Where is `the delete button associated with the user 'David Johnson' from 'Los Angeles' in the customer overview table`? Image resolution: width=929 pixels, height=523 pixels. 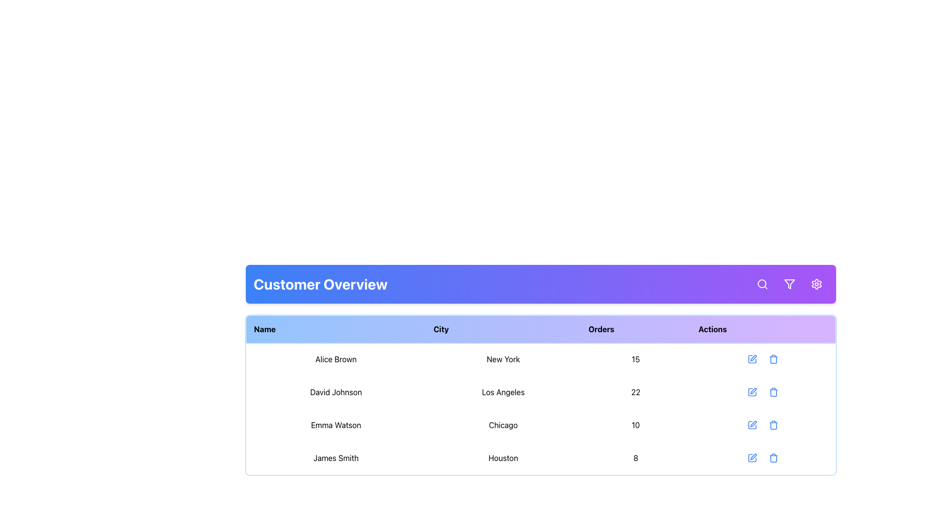
the delete button associated with the user 'David Johnson' from 'Los Angeles' in the customer overview table is located at coordinates (773, 392).